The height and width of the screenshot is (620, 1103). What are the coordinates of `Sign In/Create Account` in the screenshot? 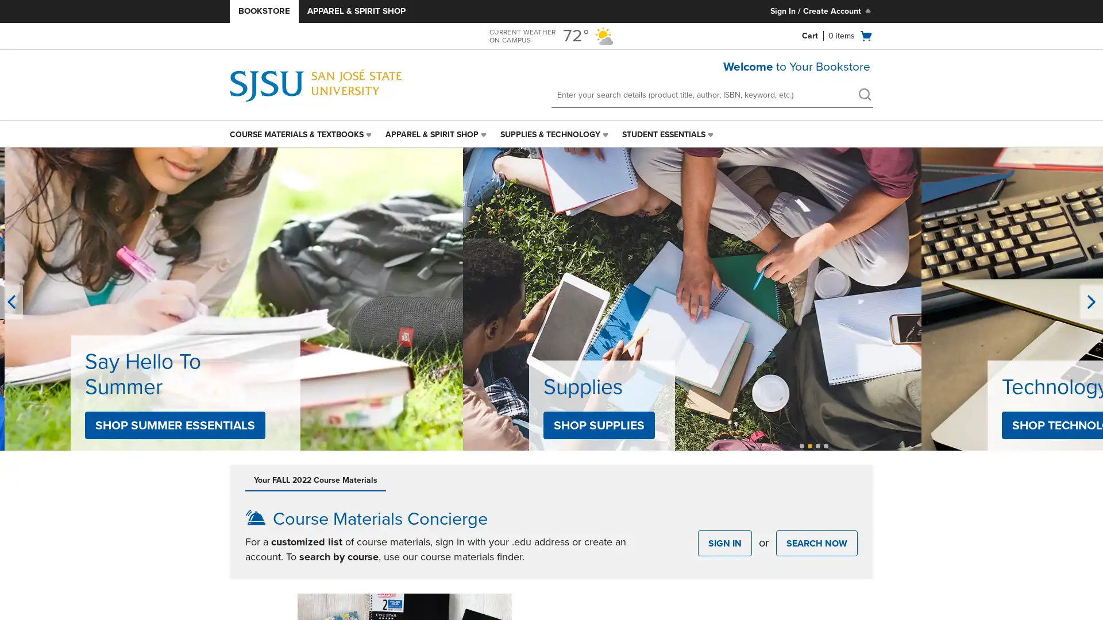 It's located at (821, 11).